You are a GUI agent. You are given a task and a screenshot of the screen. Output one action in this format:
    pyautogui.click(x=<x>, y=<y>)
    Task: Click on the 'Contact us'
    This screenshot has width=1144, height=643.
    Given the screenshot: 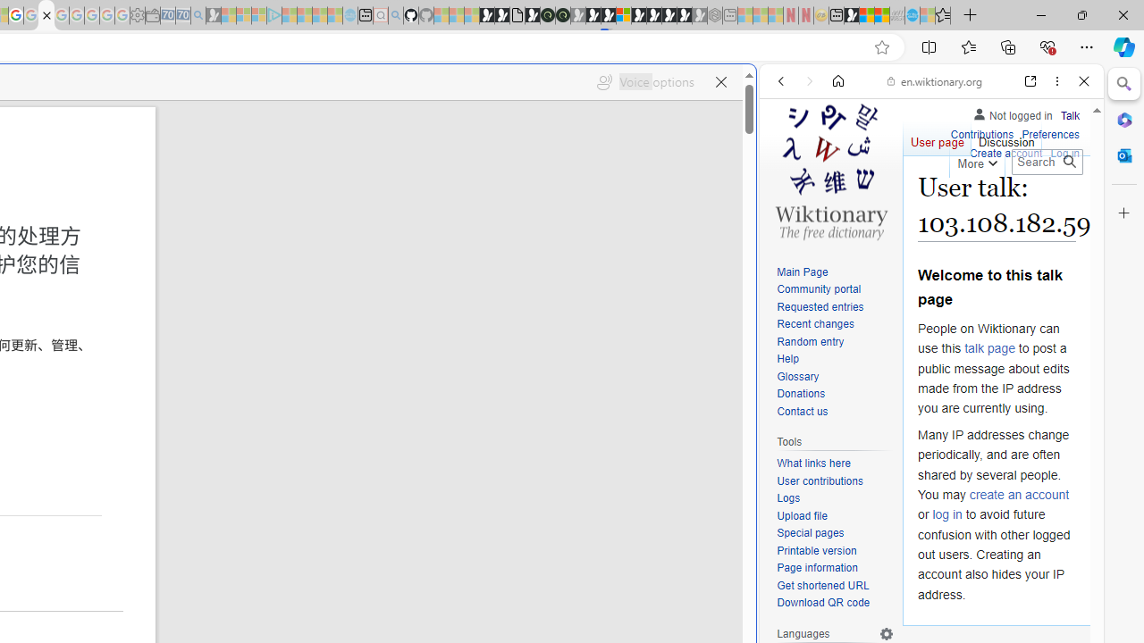 What is the action you would take?
    pyautogui.click(x=801, y=411)
    